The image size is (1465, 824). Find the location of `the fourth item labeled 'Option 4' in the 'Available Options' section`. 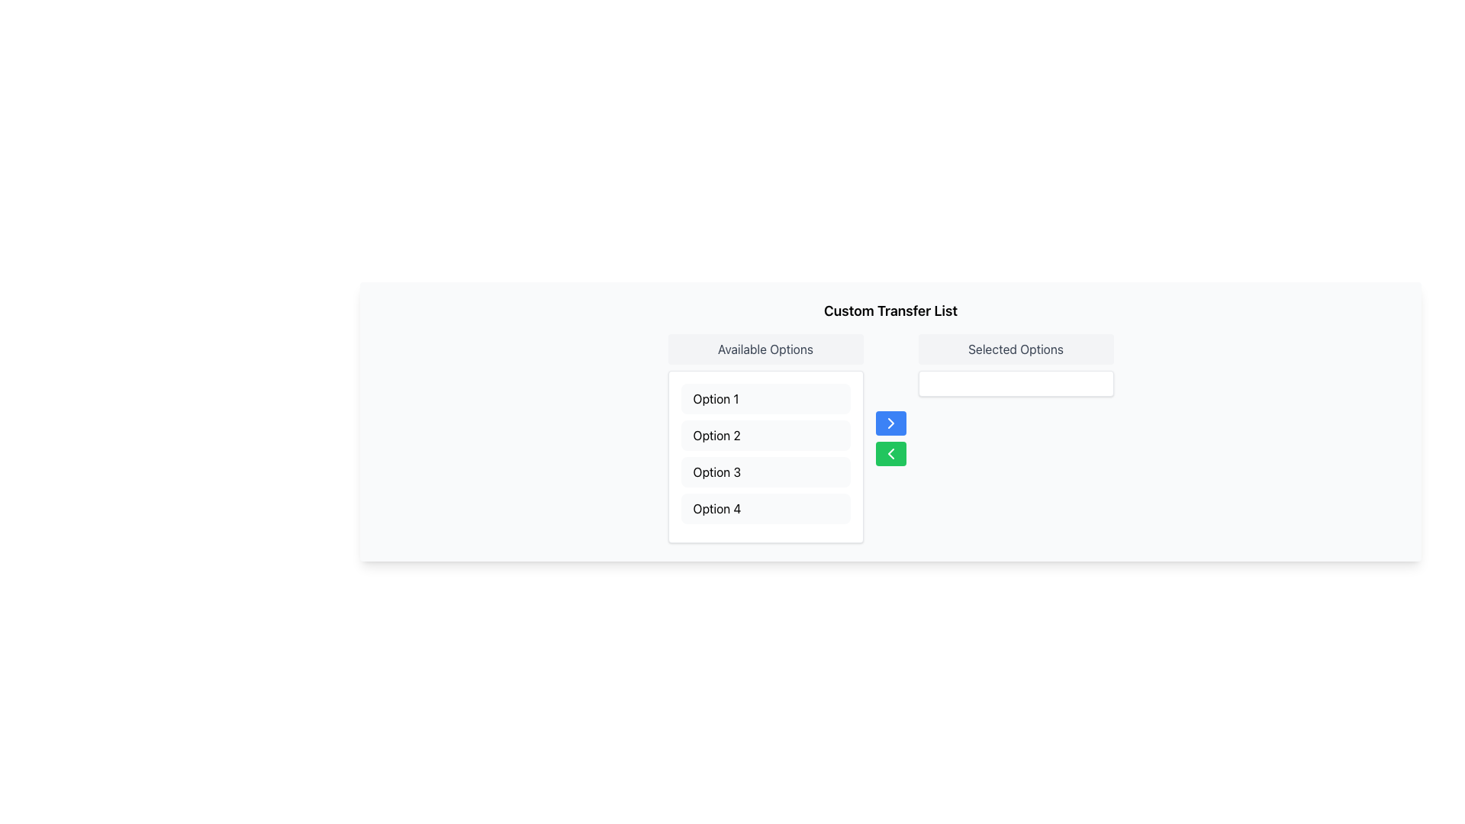

the fourth item labeled 'Option 4' in the 'Available Options' section is located at coordinates (765, 509).